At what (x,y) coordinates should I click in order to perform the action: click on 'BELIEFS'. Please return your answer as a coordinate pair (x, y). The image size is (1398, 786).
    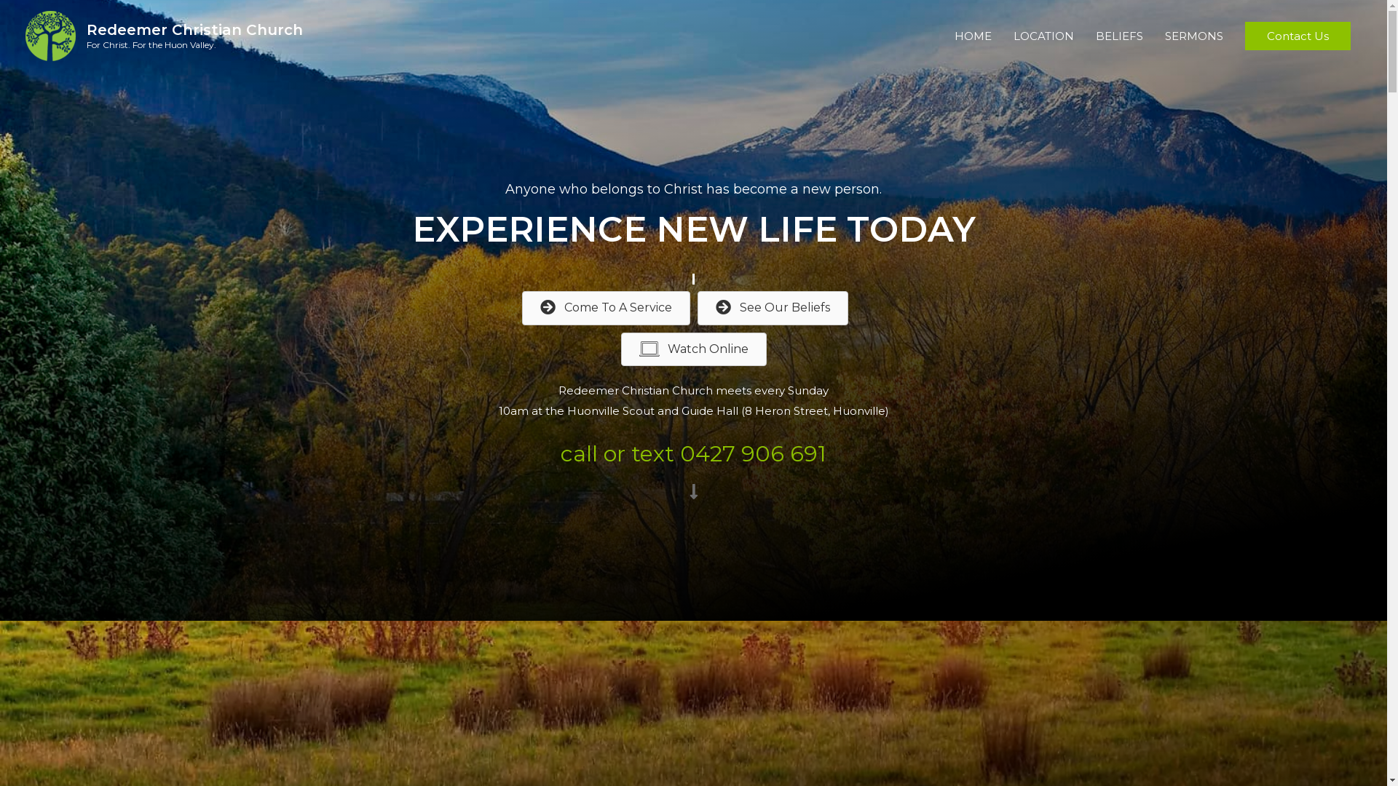
    Looking at the image, I should click on (1084, 36).